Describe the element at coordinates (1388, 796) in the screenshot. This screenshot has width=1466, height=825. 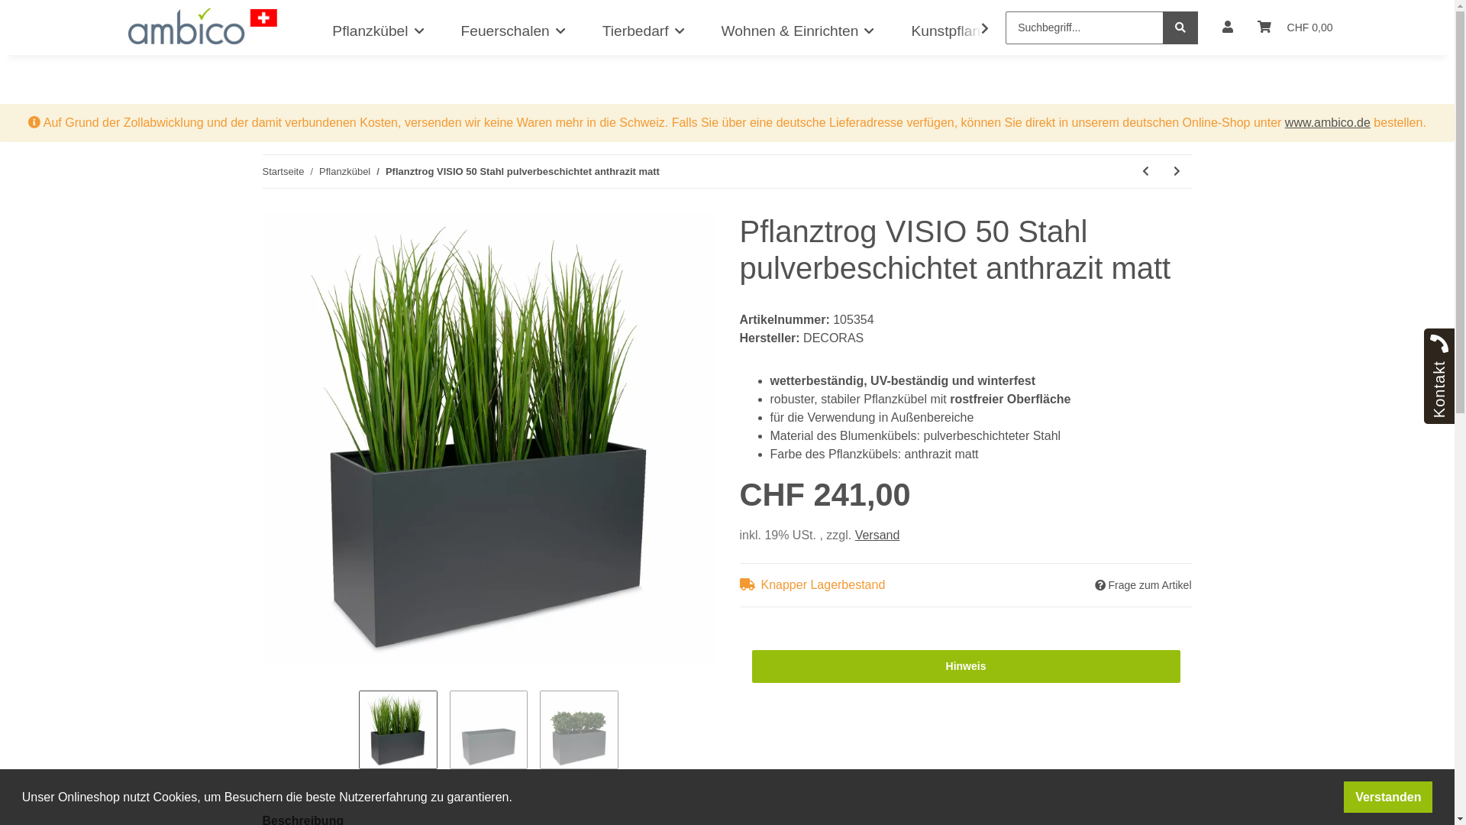
I see `'Verstanden'` at that location.